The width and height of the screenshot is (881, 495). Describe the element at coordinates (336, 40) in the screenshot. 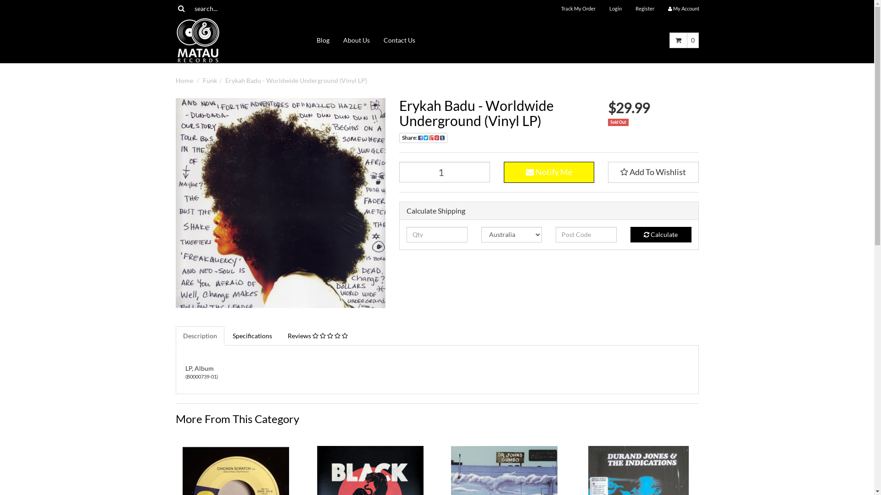

I see `'About Us'` at that location.